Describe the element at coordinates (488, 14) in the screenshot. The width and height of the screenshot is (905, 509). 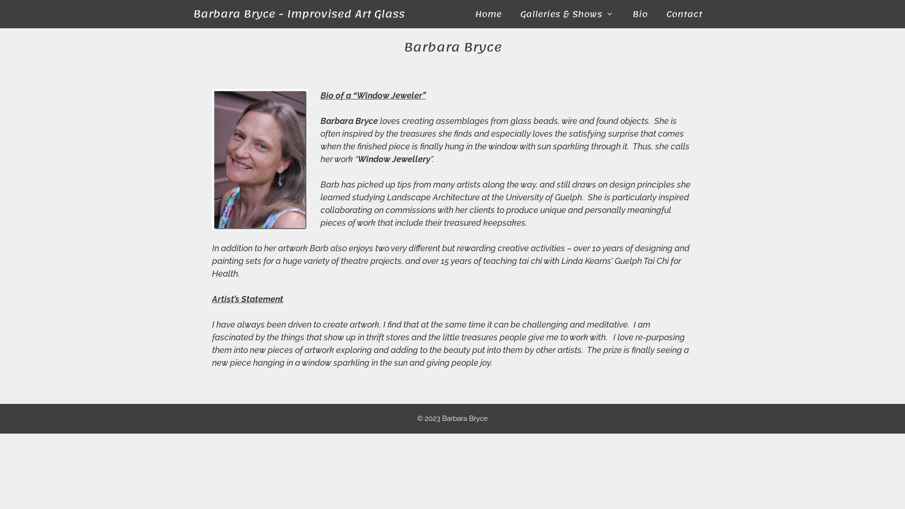
I see `'Home'` at that location.